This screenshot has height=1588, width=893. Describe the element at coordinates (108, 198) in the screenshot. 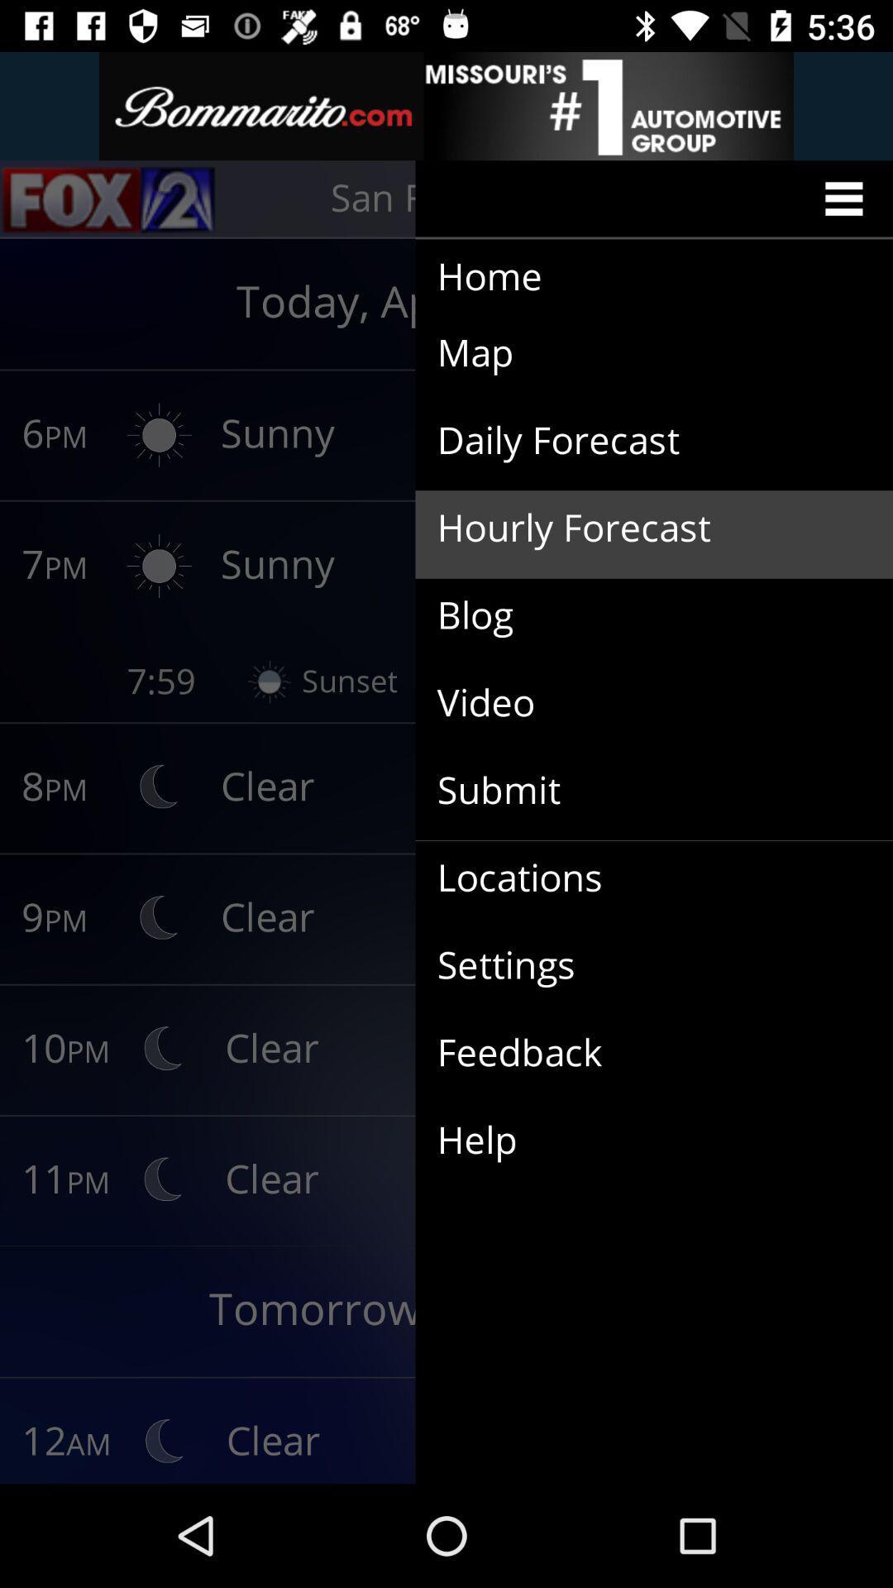

I see `the sliders icon` at that location.